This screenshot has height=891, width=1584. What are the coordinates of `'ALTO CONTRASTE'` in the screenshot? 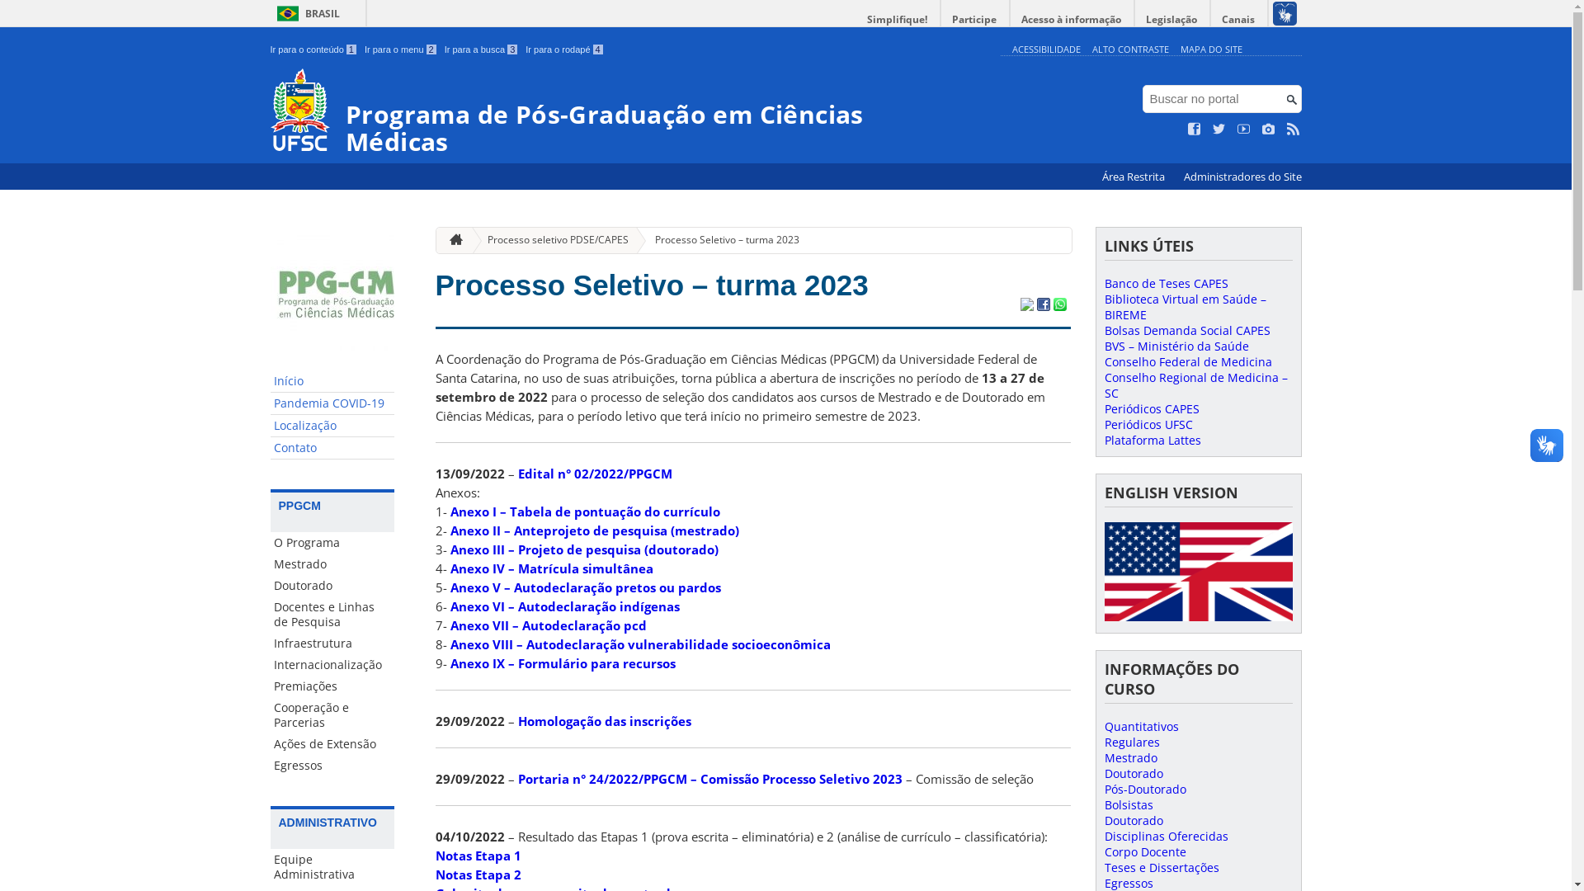 It's located at (1129, 48).